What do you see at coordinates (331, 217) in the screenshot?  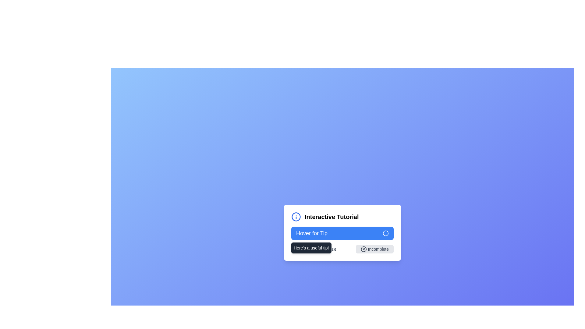 I see `the 'Interactive Tutorial' text label, which is prominently displayed in bold and larger font size, part of a compact interactive UI component` at bounding box center [331, 217].